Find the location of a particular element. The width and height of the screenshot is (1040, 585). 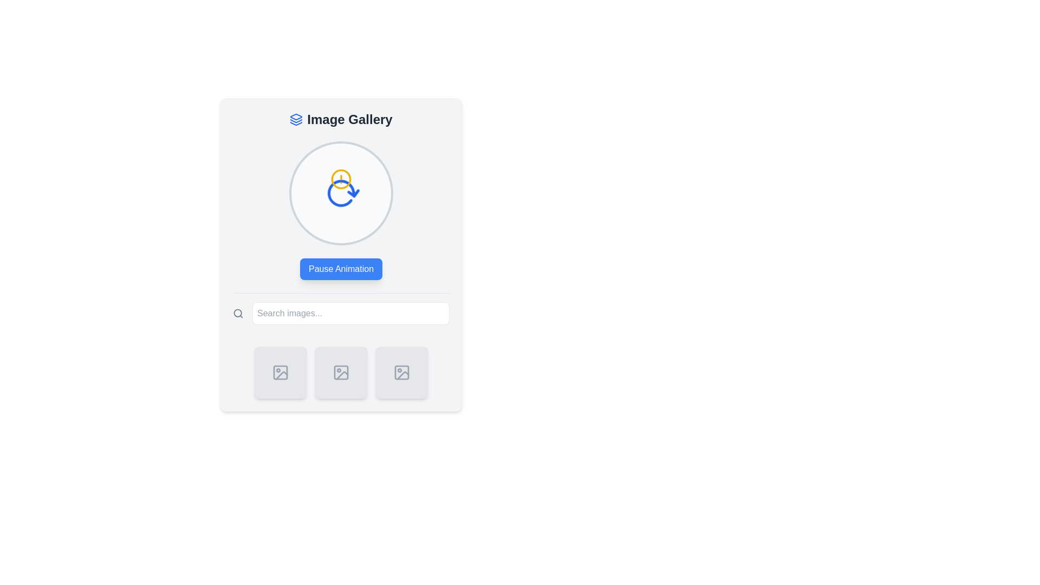

the text element displaying 'Image Gallery' prominently in bold is located at coordinates (350, 119).